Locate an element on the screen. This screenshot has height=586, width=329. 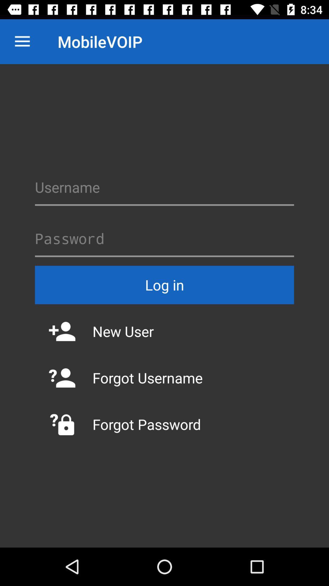
the new user icon is located at coordinates (164, 331).